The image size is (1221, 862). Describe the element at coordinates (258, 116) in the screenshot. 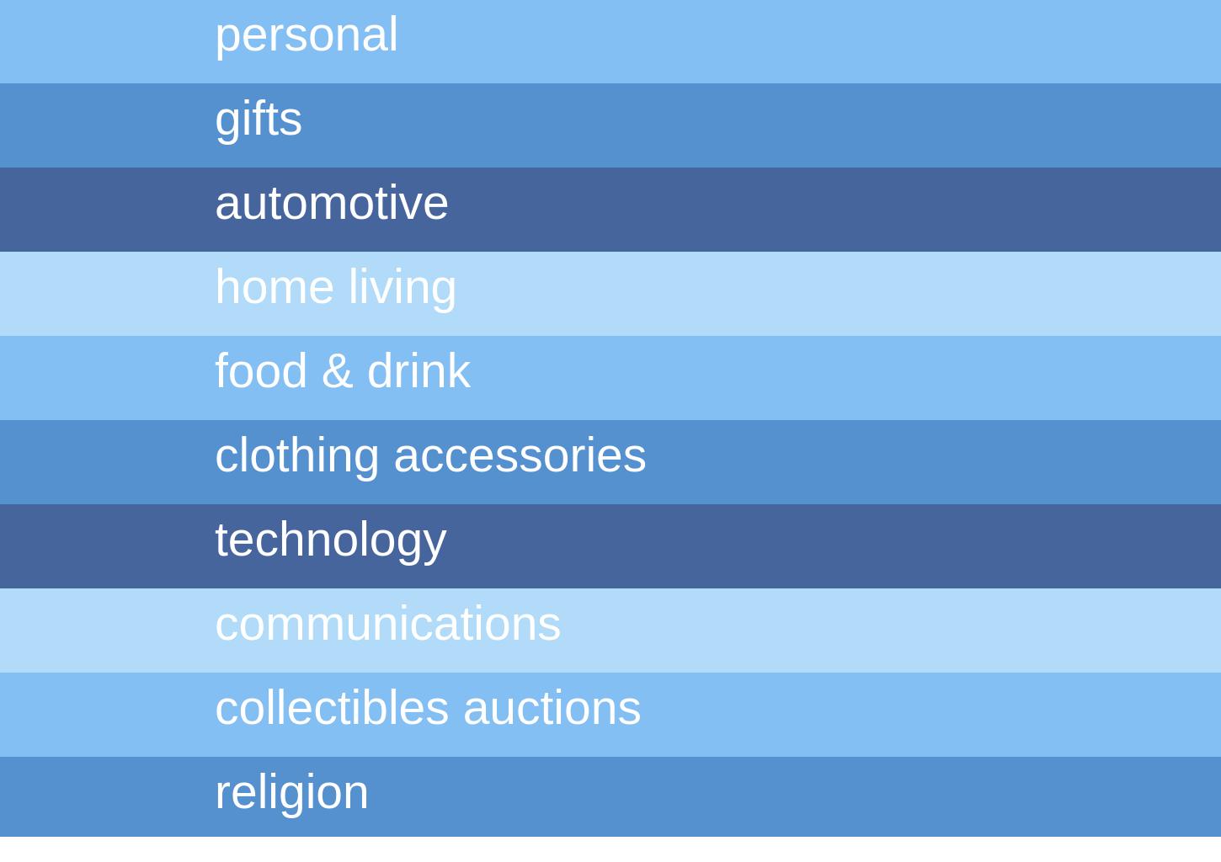

I see `'gifts'` at that location.